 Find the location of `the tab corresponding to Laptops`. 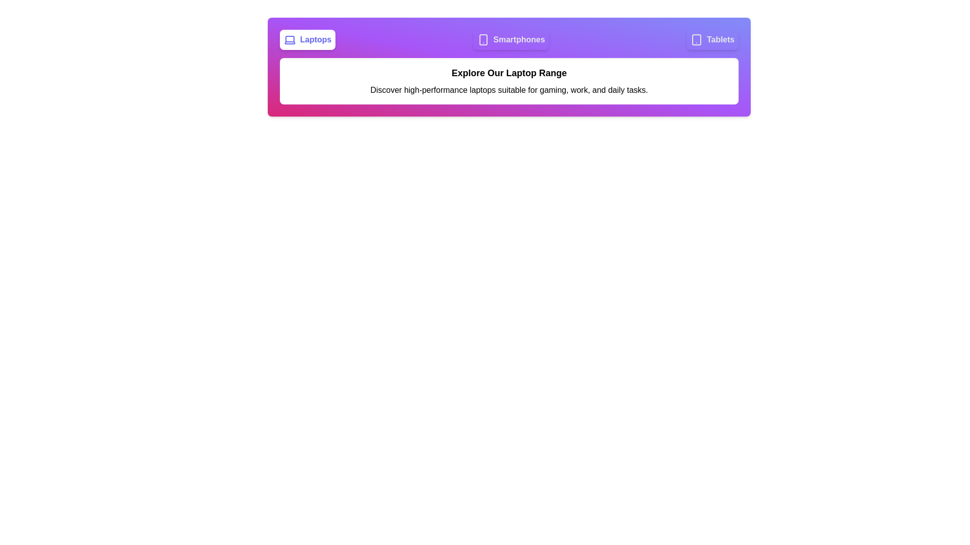

the tab corresponding to Laptops is located at coordinates (307, 39).